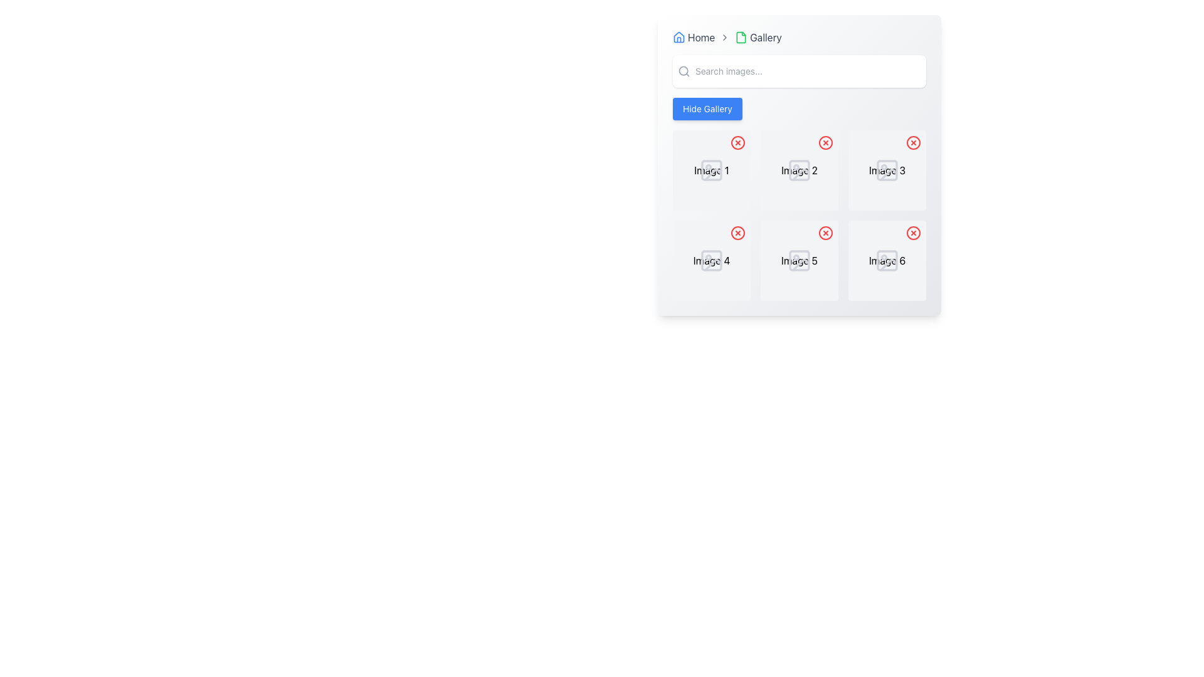  Describe the element at coordinates (799, 171) in the screenshot. I see `the rectangular SVG graphical element with rounded corners located in the upper-middle row of the grid layout of six images, specifically the second image placeholder` at that location.